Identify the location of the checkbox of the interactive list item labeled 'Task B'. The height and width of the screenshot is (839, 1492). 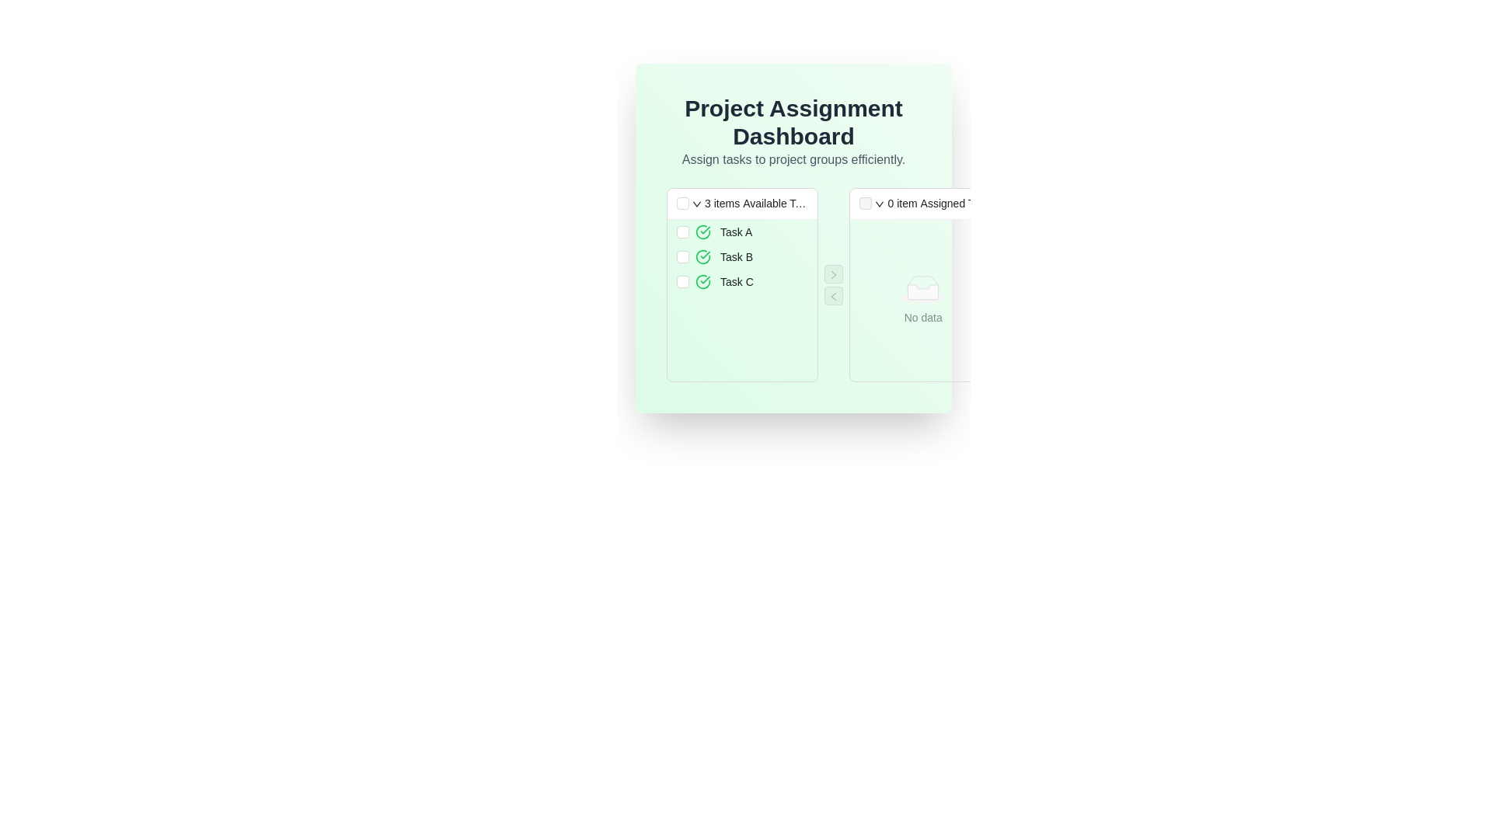
(741, 256).